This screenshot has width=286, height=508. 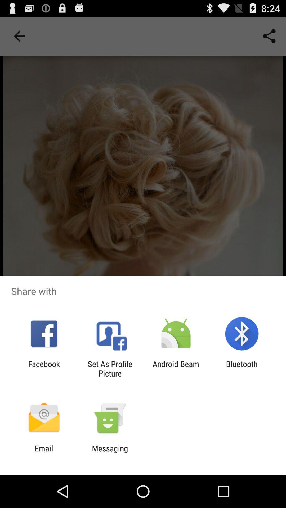 What do you see at coordinates (110, 453) in the screenshot?
I see `the item to the right of the email app` at bounding box center [110, 453].